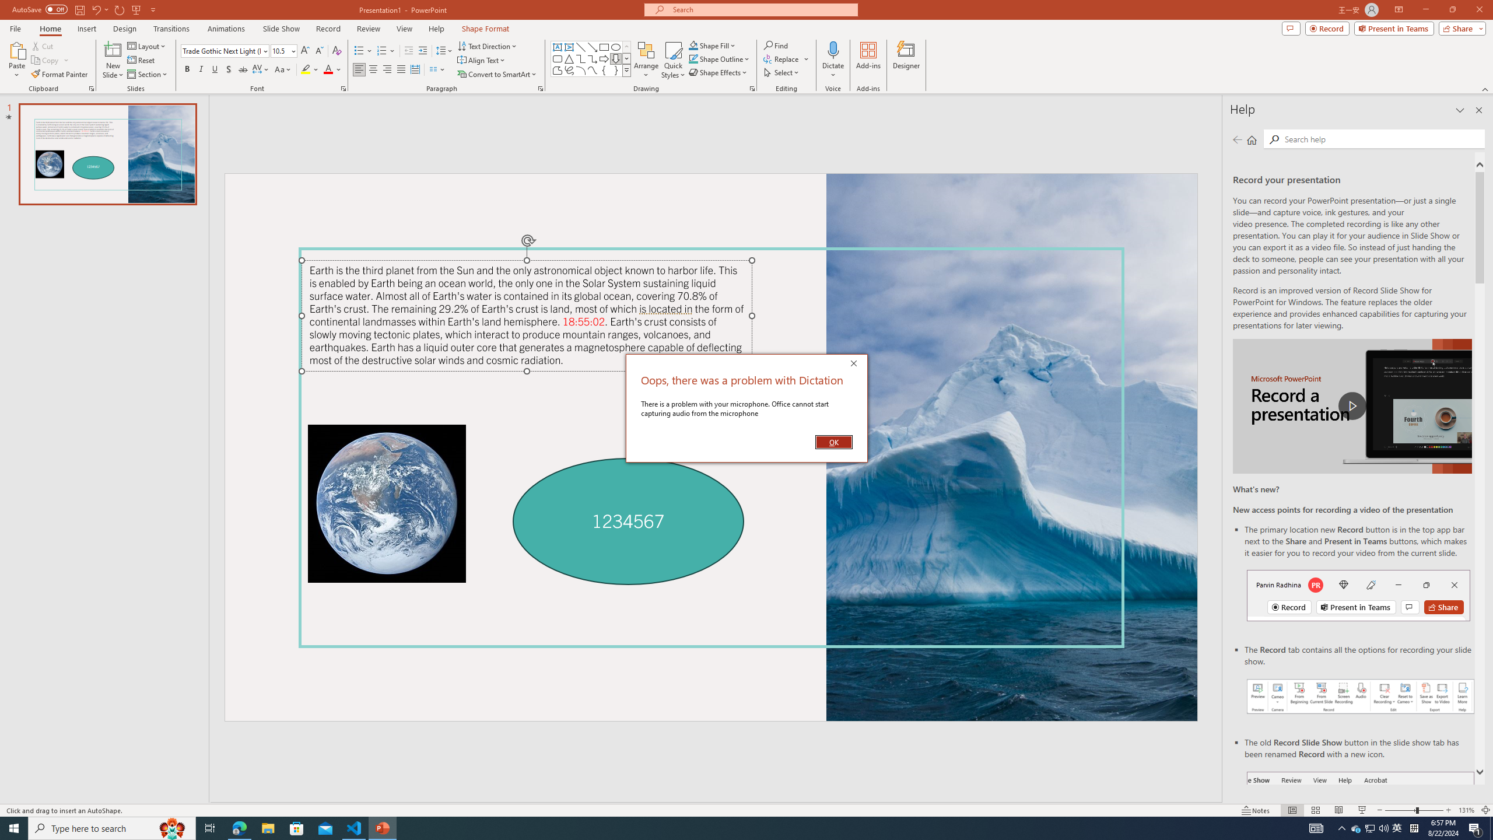 The height and width of the screenshot is (840, 1493). What do you see at coordinates (1360, 829) in the screenshot?
I see `'Record button in ribbon'` at bounding box center [1360, 829].